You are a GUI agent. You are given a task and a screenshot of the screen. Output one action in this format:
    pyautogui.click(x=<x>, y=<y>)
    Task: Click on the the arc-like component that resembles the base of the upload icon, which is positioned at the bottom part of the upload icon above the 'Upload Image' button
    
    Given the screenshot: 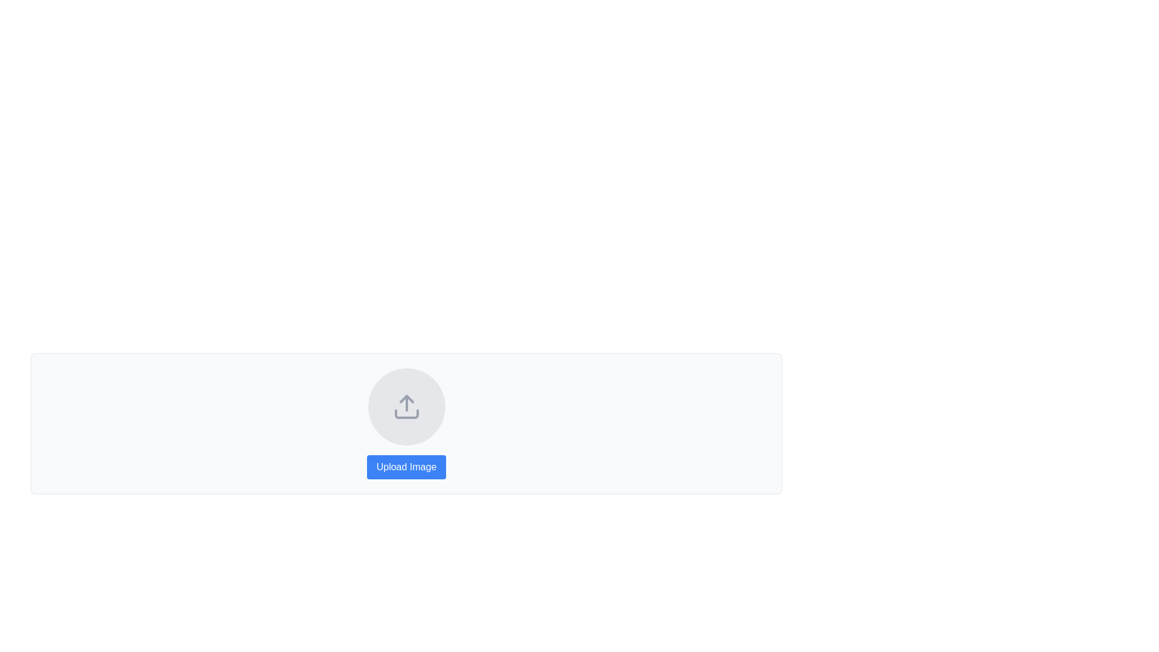 What is the action you would take?
    pyautogui.click(x=406, y=414)
    